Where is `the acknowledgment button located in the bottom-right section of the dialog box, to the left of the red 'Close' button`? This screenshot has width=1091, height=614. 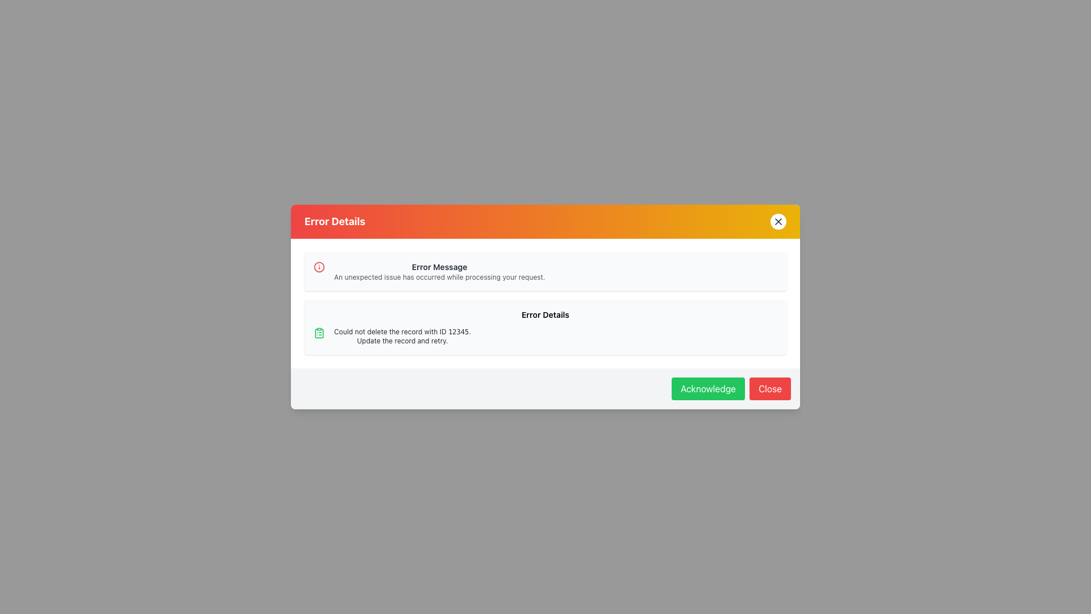 the acknowledgment button located in the bottom-right section of the dialog box, to the left of the red 'Close' button is located at coordinates (707, 388).